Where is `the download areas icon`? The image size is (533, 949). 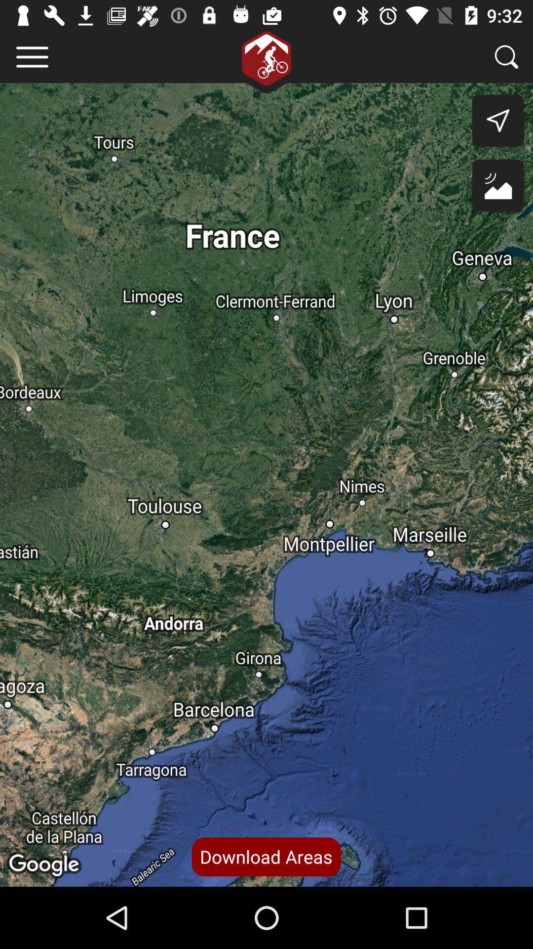
the download areas icon is located at coordinates (266, 856).